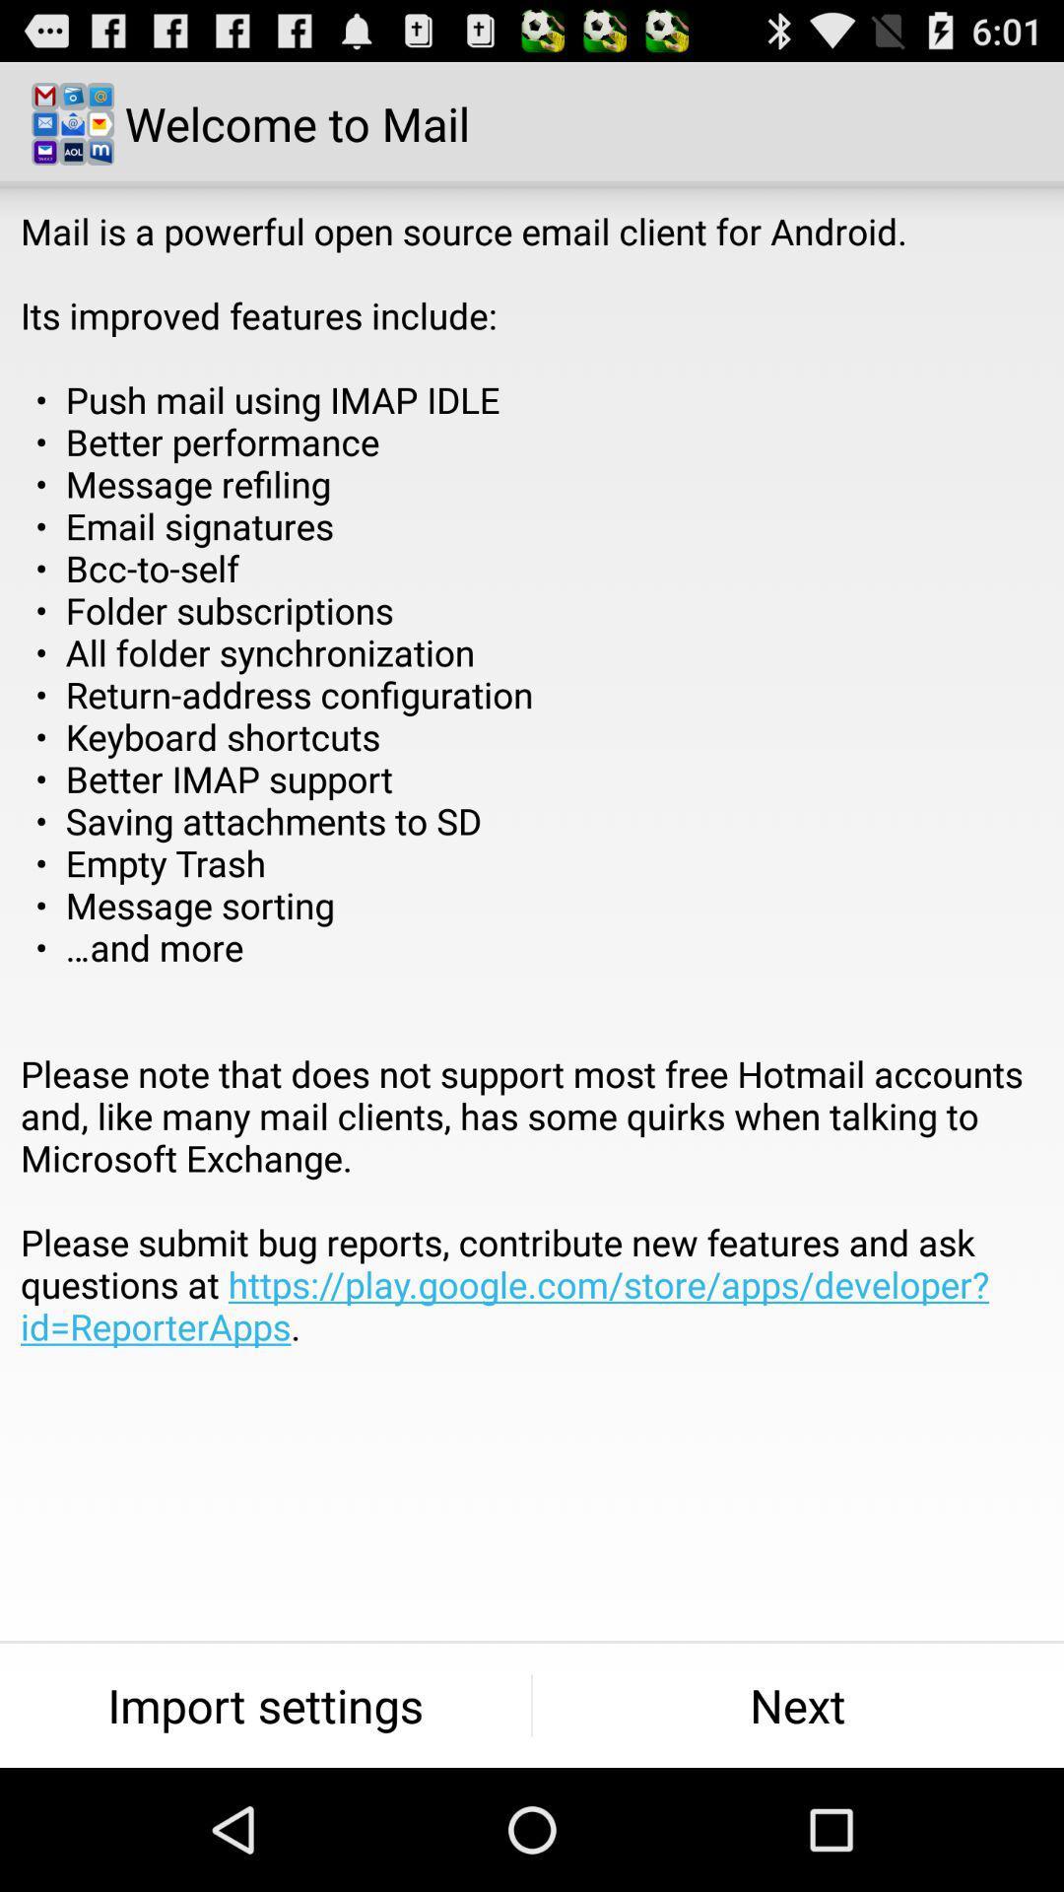 The image size is (1064, 1892). Describe the element at coordinates (264, 1705) in the screenshot. I see `item to the left of the next` at that location.